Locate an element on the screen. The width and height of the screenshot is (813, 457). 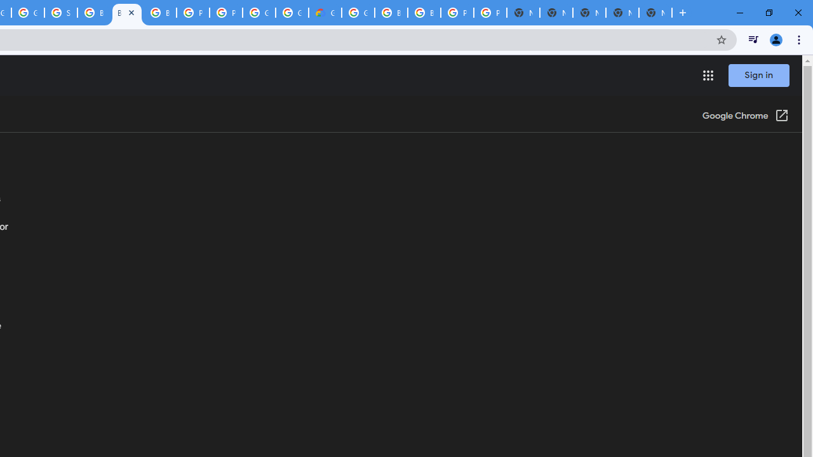
'New Tab' is located at coordinates (655, 13).